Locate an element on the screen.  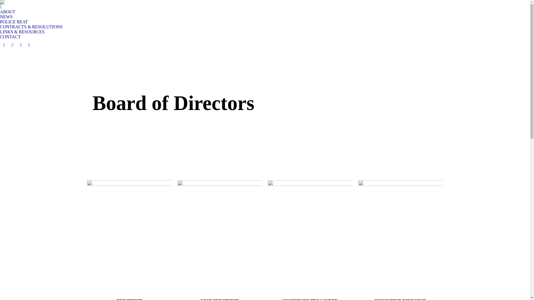
'NEWS' is located at coordinates (6, 17).